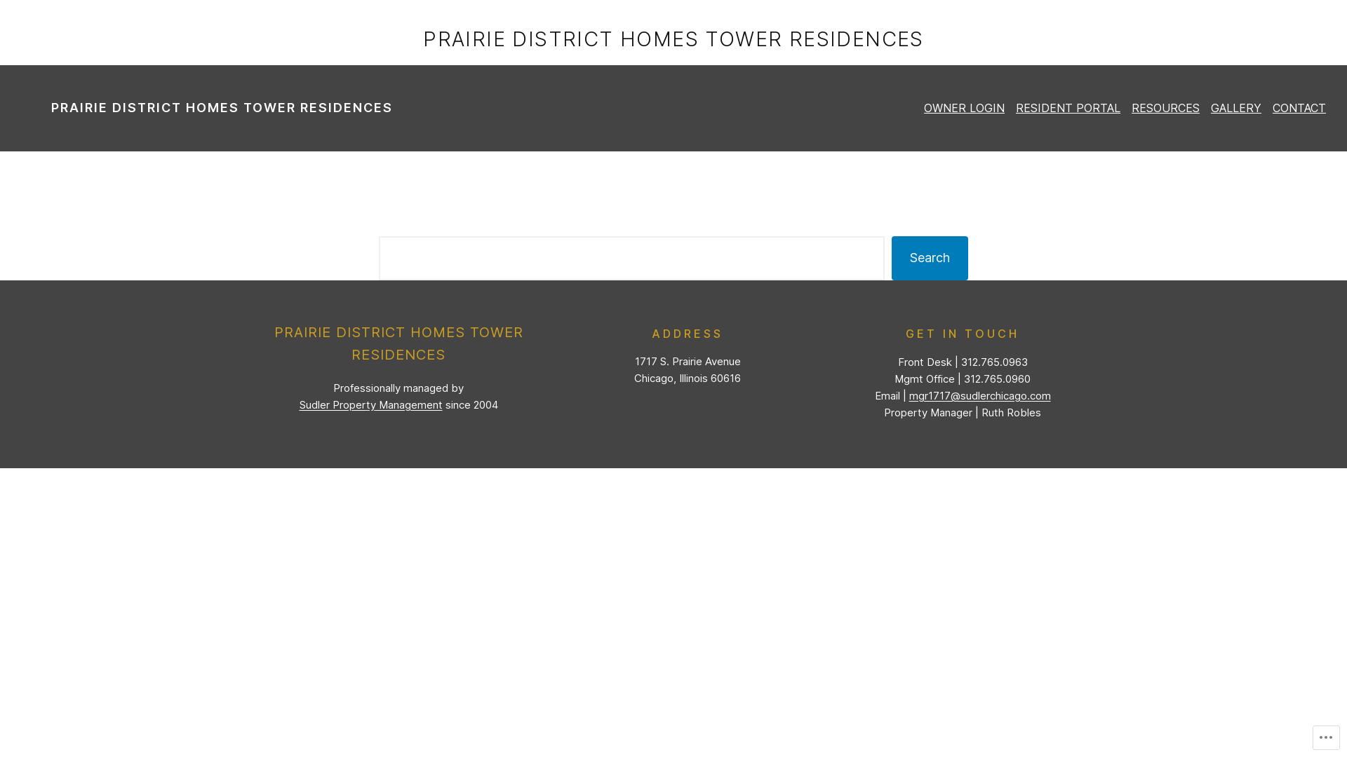 Image resolution: width=1347 pixels, height=757 pixels. What do you see at coordinates (1165, 107) in the screenshot?
I see `'RESOURCES'` at bounding box center [1165, 107].